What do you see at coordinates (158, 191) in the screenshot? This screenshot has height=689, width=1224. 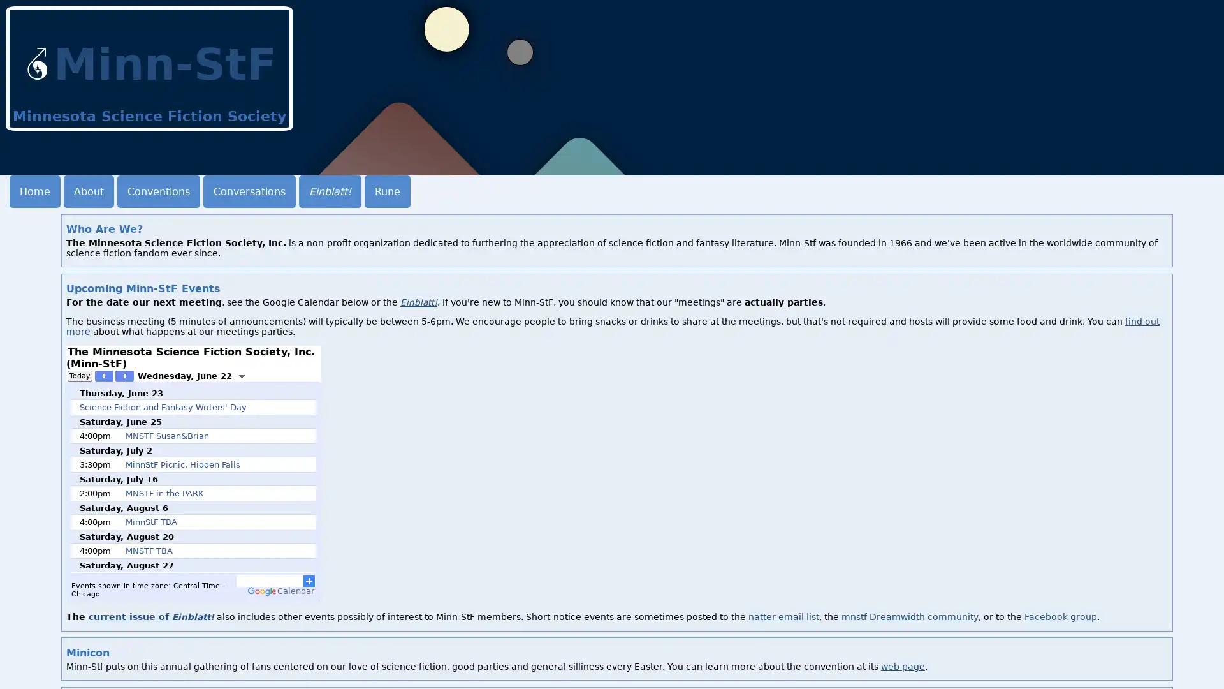 I see `Conventions` at bounding box center [158, 191].